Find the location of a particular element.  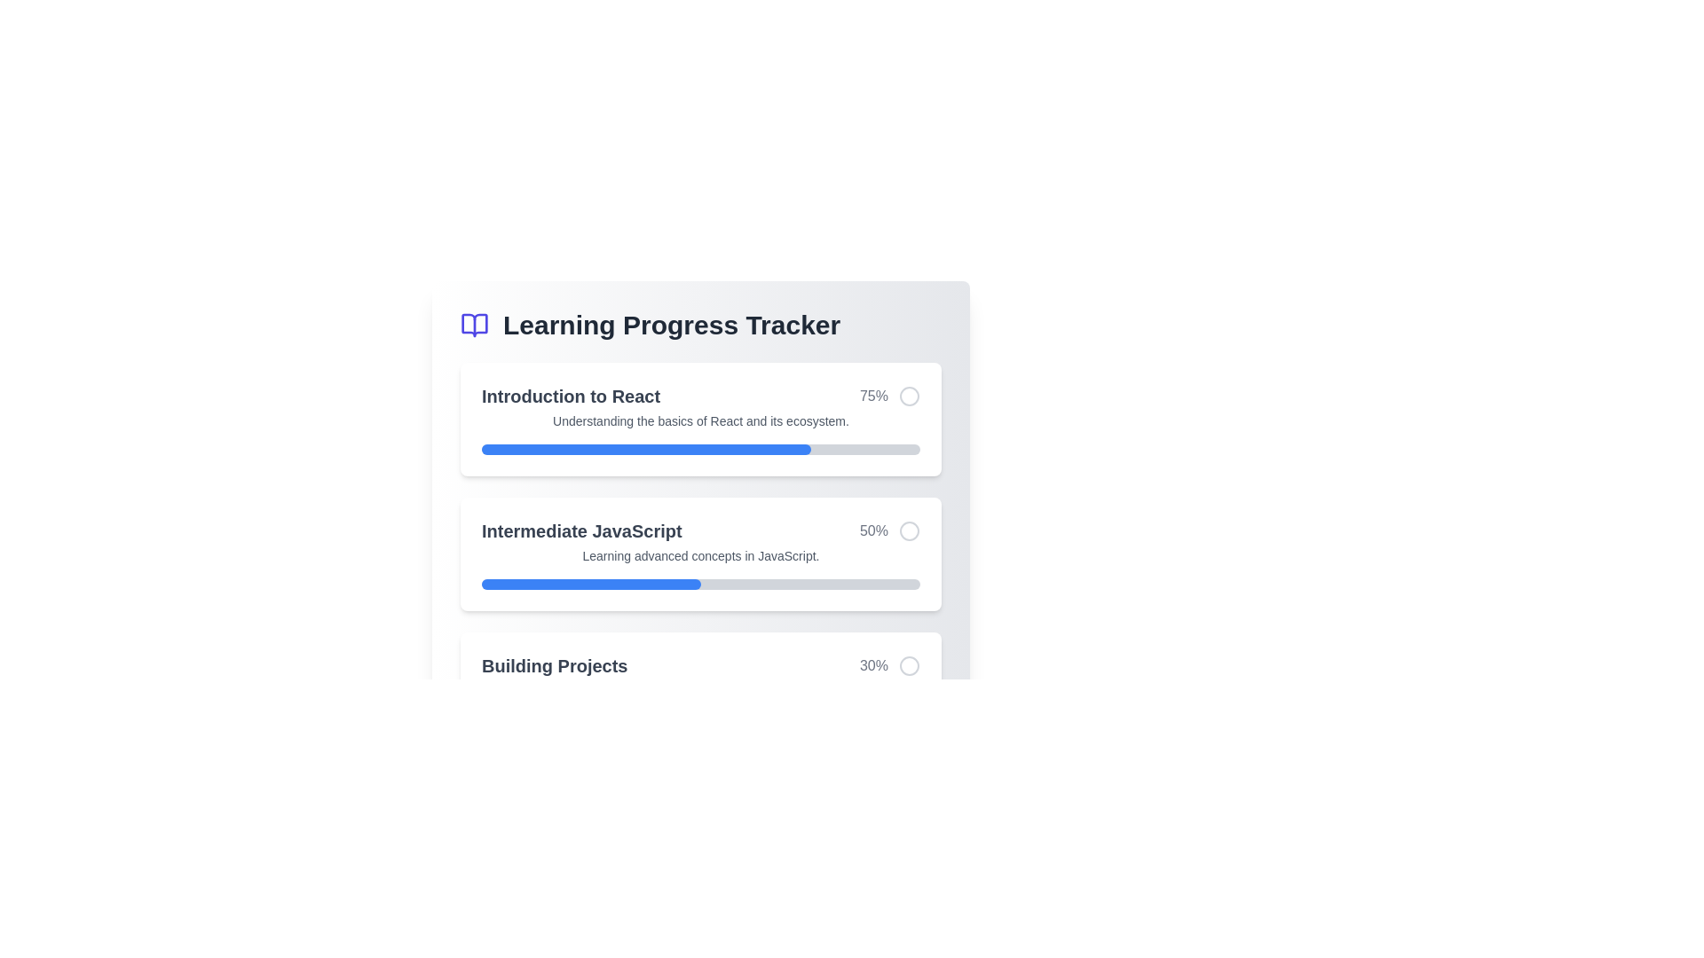

text label that provides a brief explanation of the learning module content located beneath the title 'Introduction to React' in the learning module card is located at coordinates (700, 420).